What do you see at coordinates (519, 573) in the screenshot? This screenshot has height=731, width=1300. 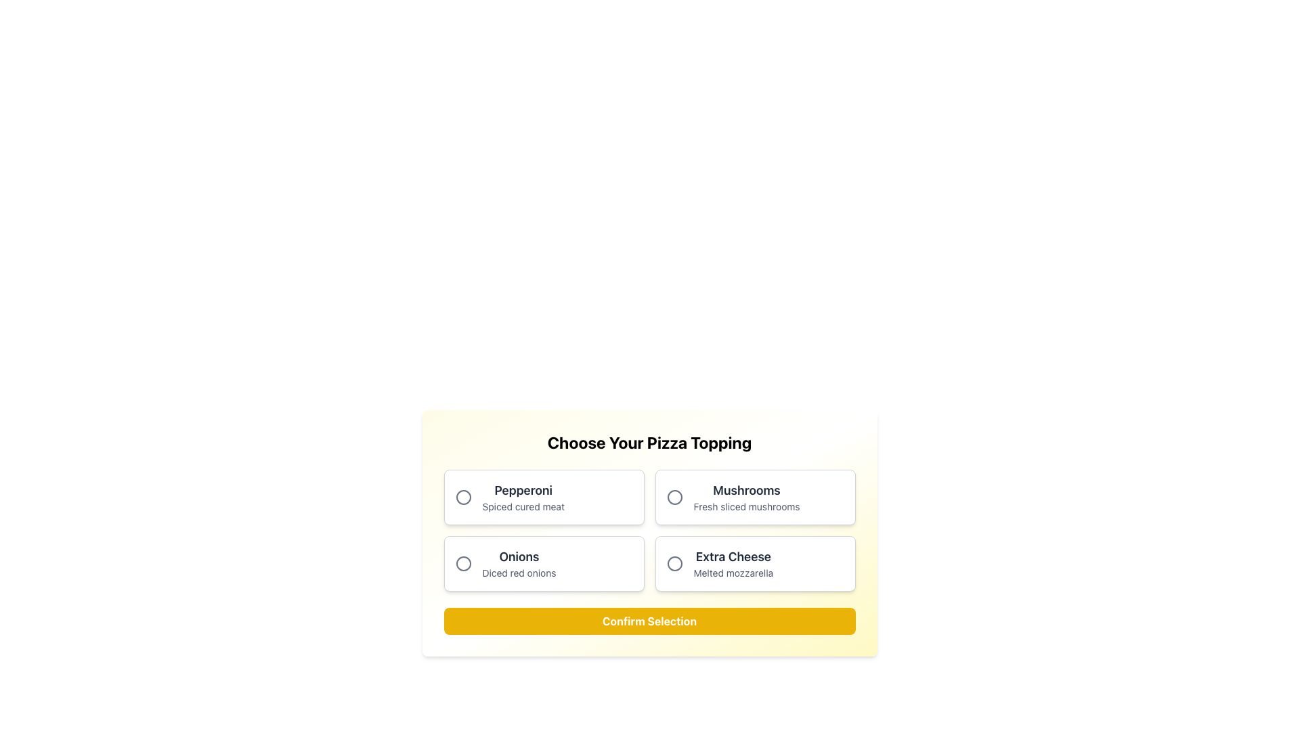 I see `the text label displaying 'Diced red onions', which is located beneath the text 'Onions' in the bottom-left grid cell of the displayed menu` at bounding box center [519, 573].